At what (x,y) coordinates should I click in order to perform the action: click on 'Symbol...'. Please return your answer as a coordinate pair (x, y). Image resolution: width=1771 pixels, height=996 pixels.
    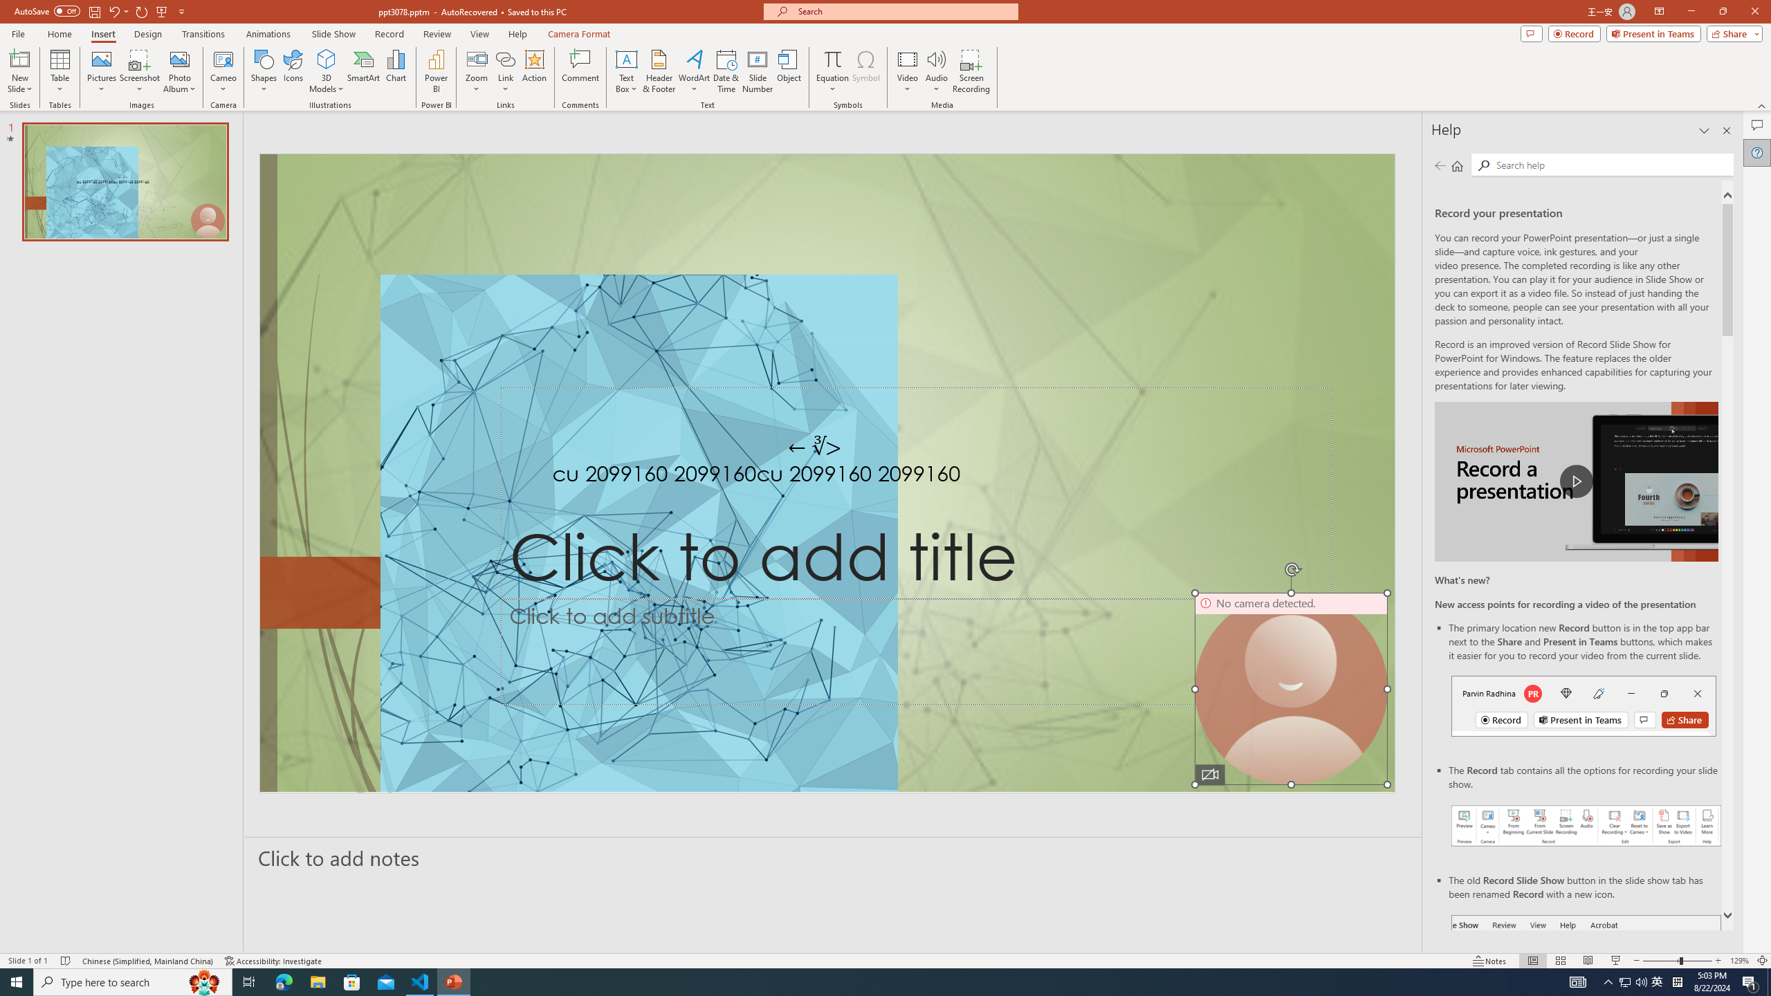
    Looking at the image, I should click on (865, 71).